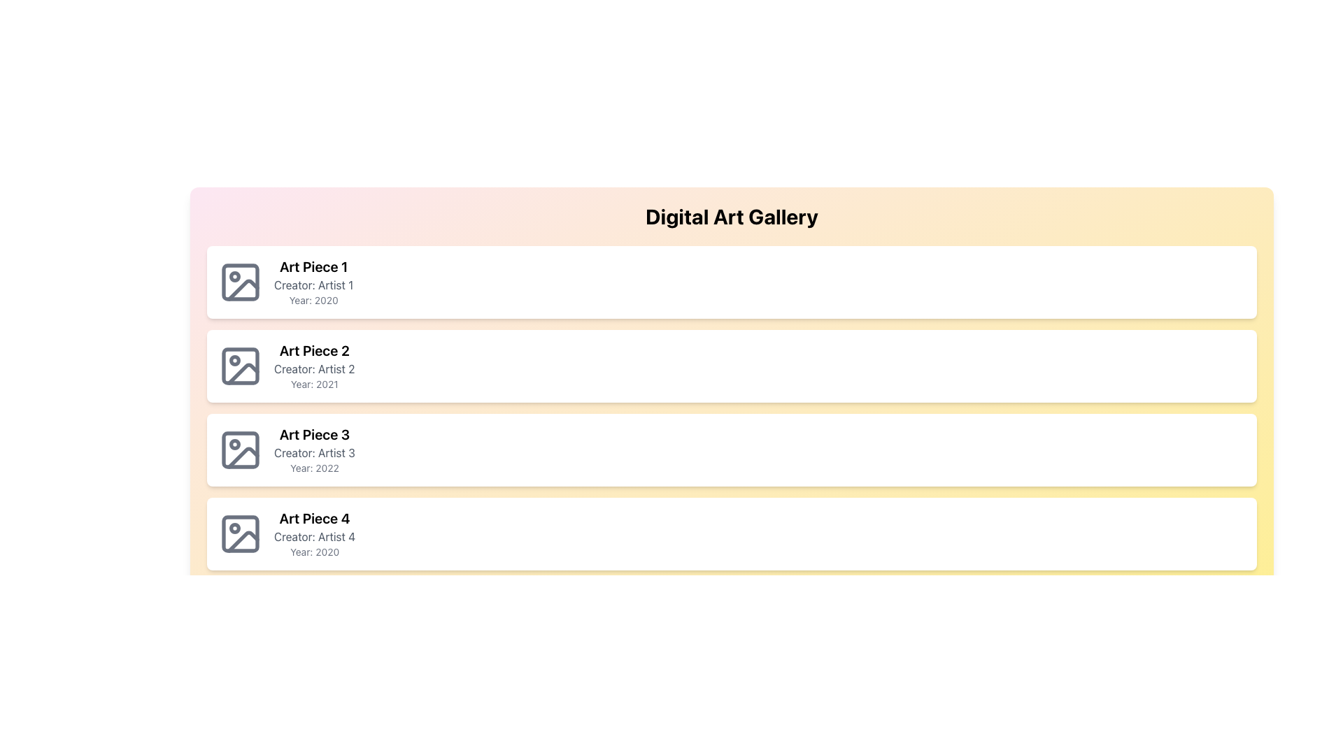 Image resolution: width=1343 pixels, height=755 pixels. What do you see at coordinates (241, 282) in the screenshot?
I see `the icon representing the image placeholder for 'Art Piece 1' located on the far left of the first card in the vertical list layout` at bounding box center [241, 282].